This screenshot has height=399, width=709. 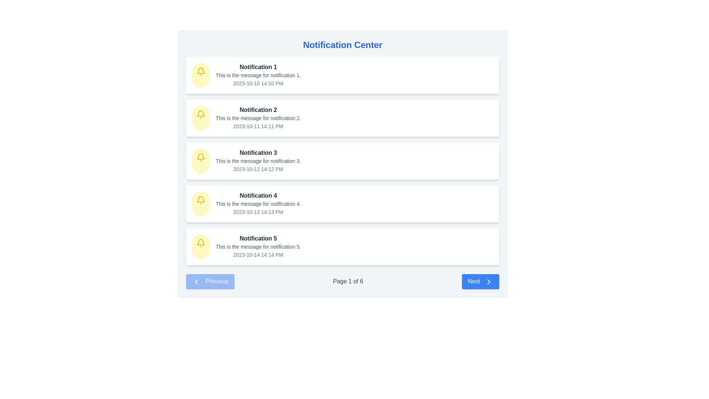 I want to click on the fourth notification entry in the vertical list layout of the notification center interface, which provides information about a specific notification including a title, message, and timestamp, so click(x=258, y=204).